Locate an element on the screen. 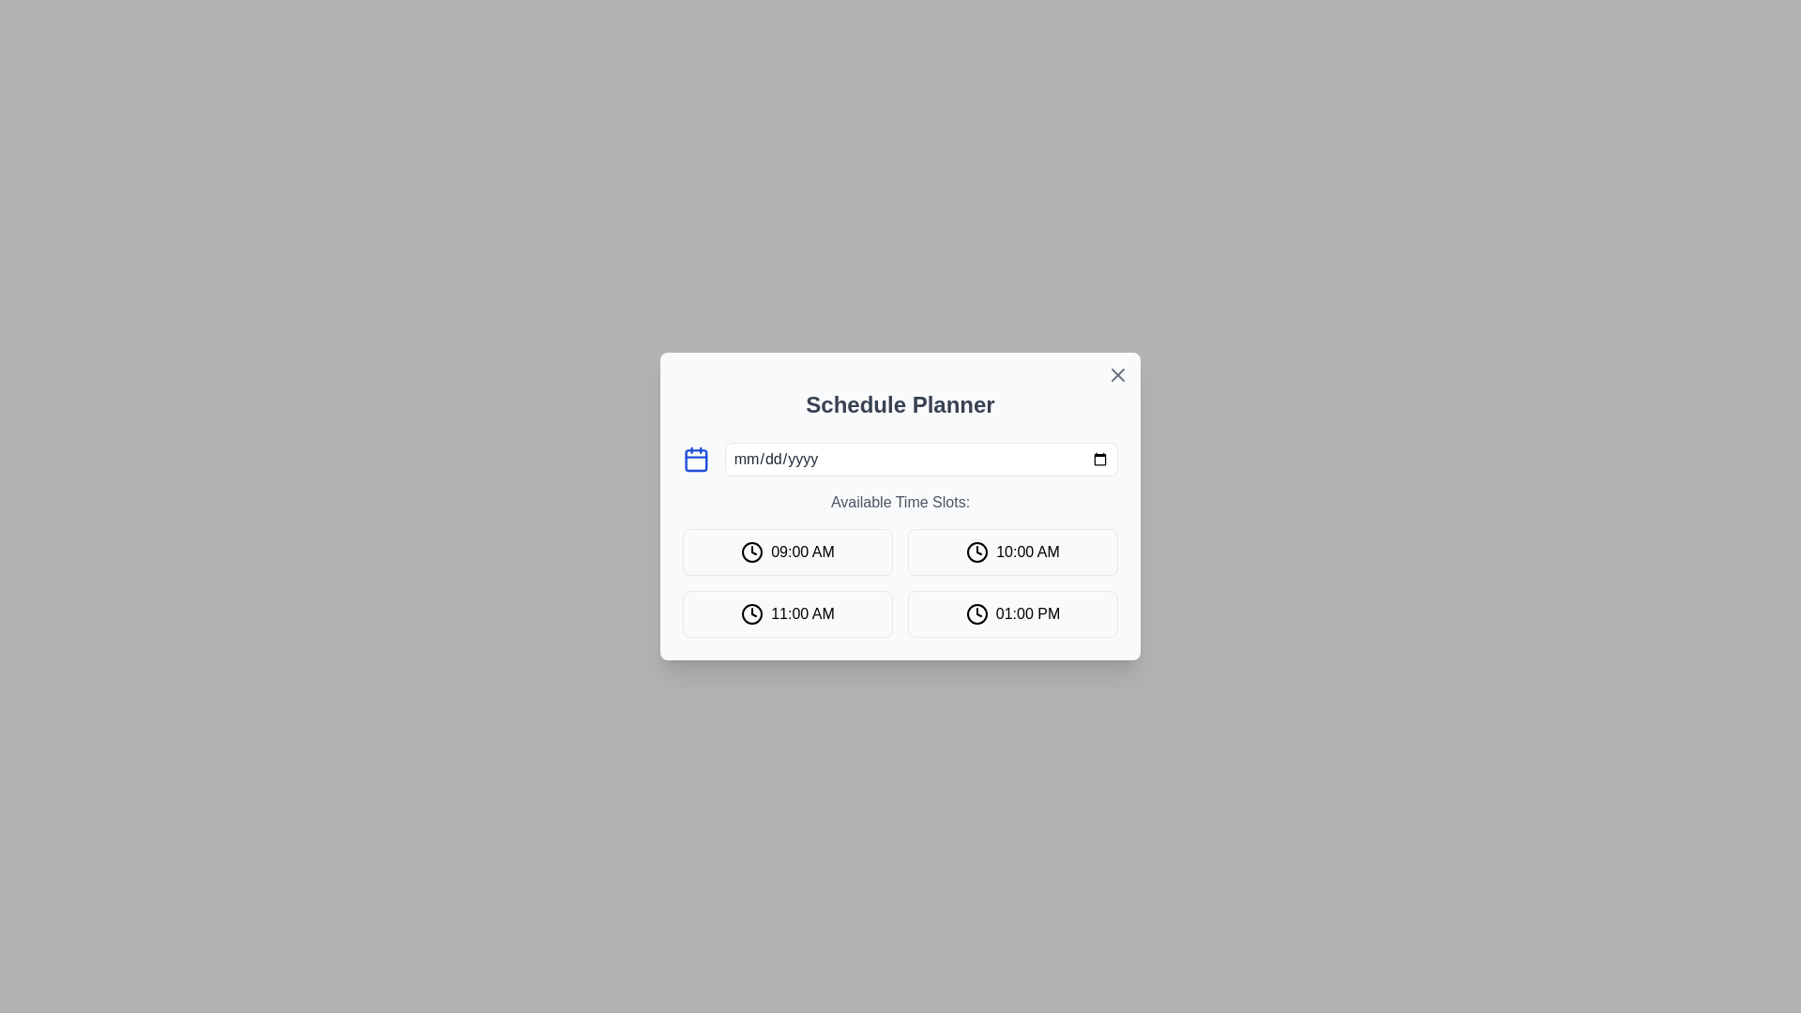 This screenshot has width=1801, height=1013. the fourth button in the time slot selection grid is located at coordinates (1012, 614).